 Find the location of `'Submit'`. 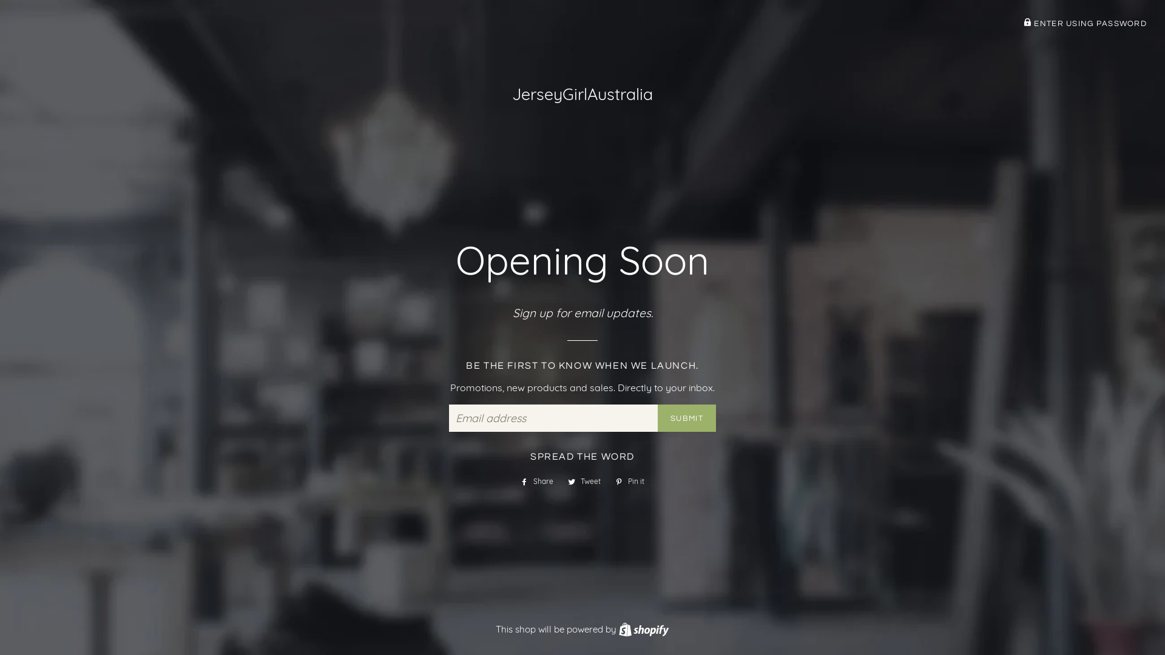

'Submit' is located at coordinates (687, 417).